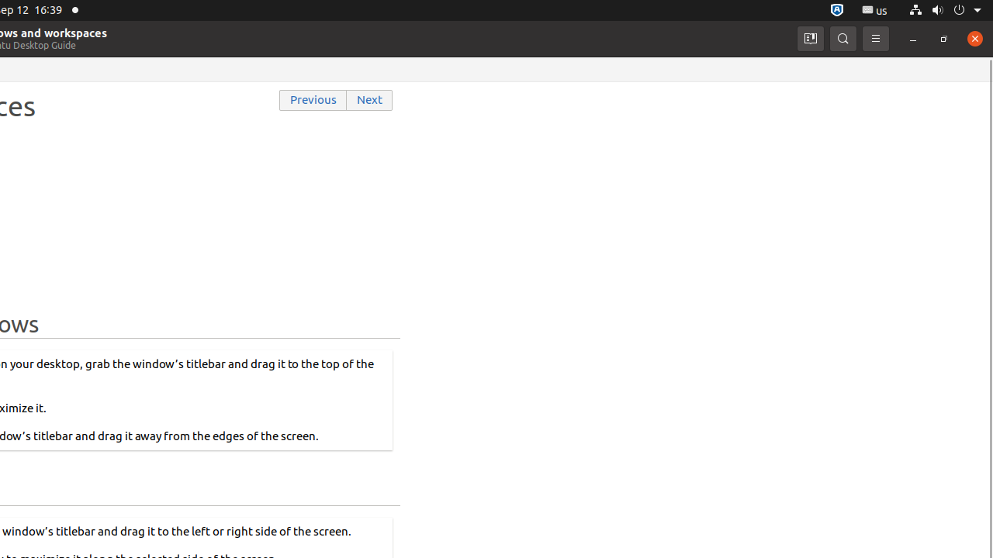  What do you see at coordinates (974, 37) in the screenshot?
I see `'Close'` at bounding box center [974, 37].